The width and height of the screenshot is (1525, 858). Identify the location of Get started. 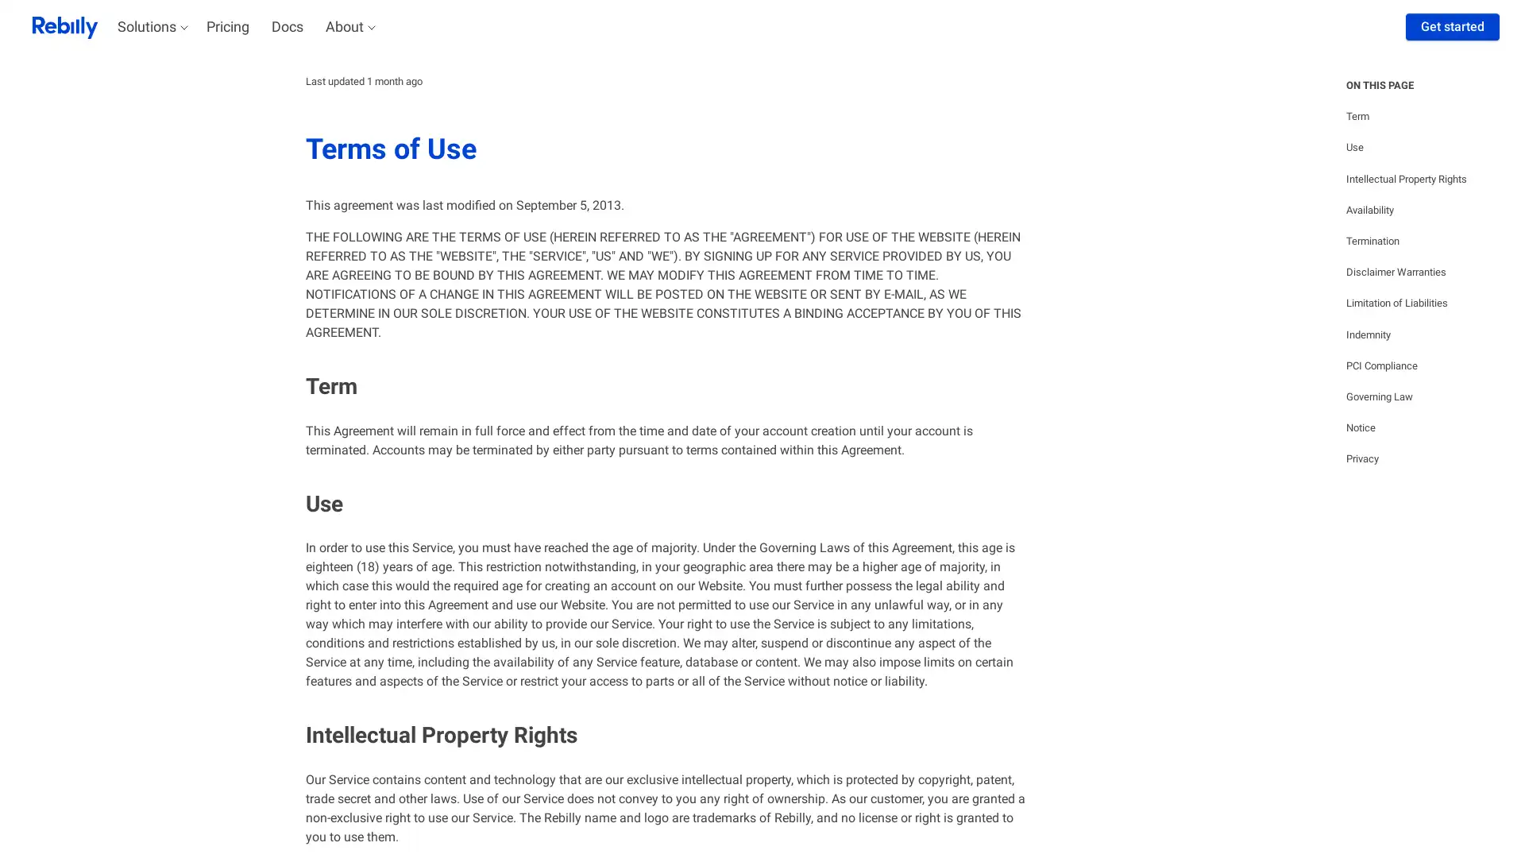
(1452, 27).